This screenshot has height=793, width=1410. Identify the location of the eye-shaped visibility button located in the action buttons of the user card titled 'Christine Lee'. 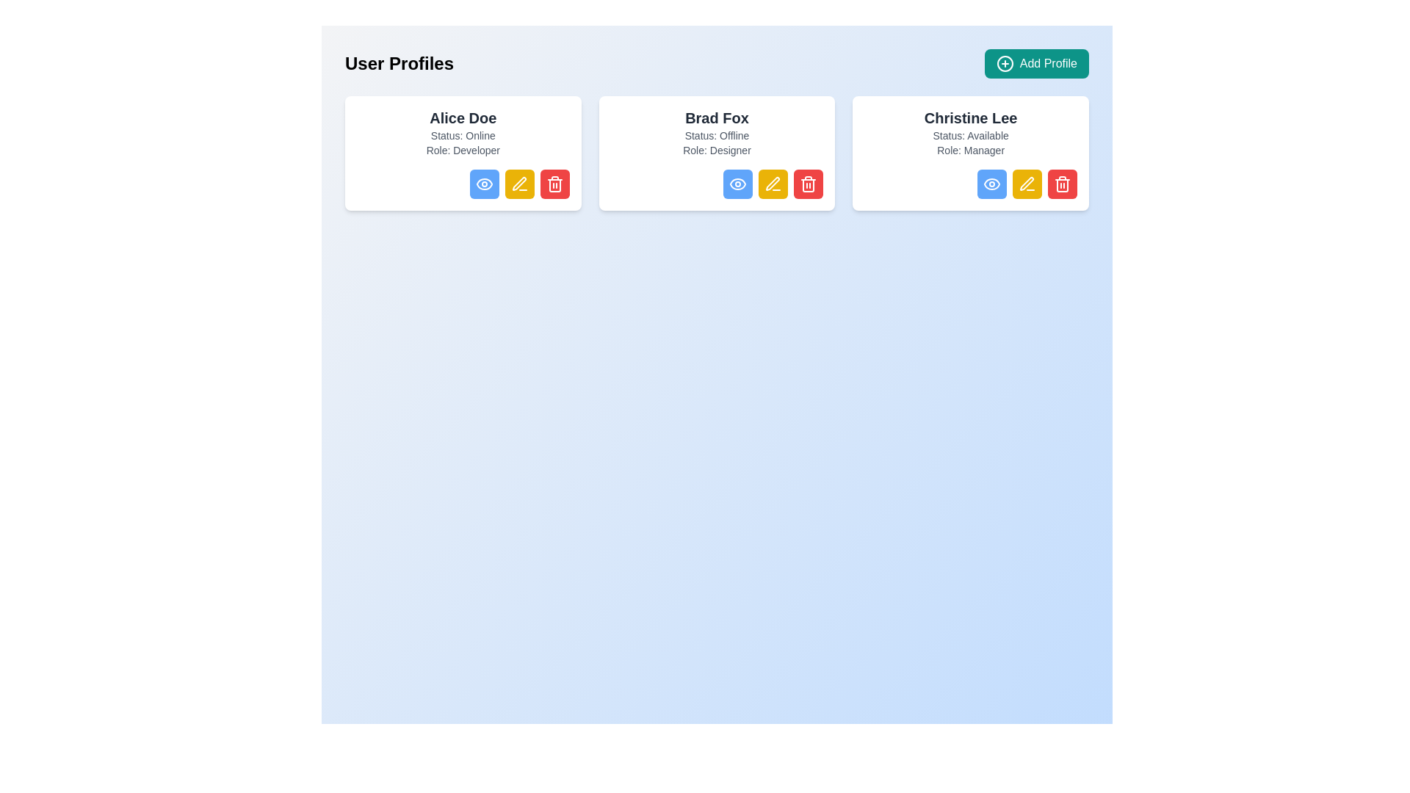
(991, 183).